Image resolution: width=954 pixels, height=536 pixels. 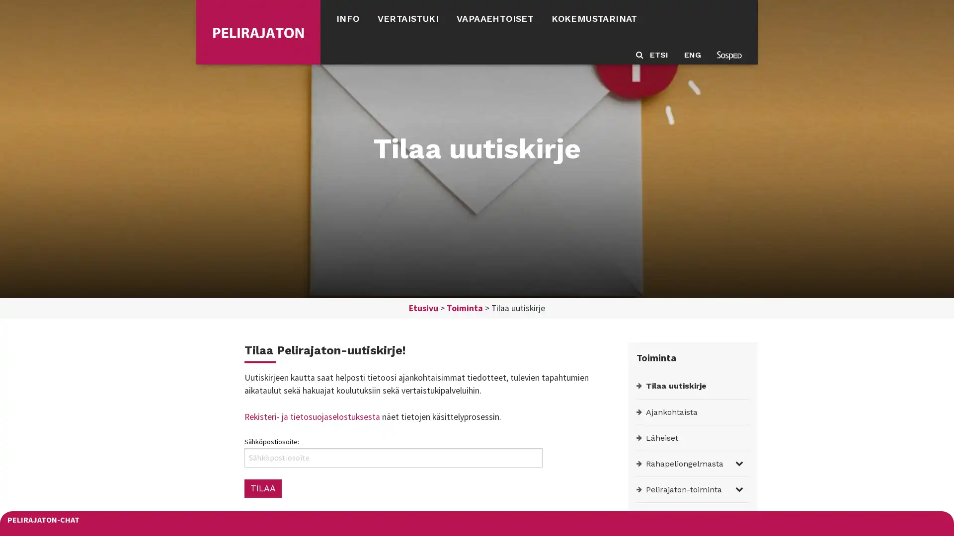 What do you see at coordinates (262, 487) in the screenshot?
I see `Tilaa` at bounding box center [262, 487].